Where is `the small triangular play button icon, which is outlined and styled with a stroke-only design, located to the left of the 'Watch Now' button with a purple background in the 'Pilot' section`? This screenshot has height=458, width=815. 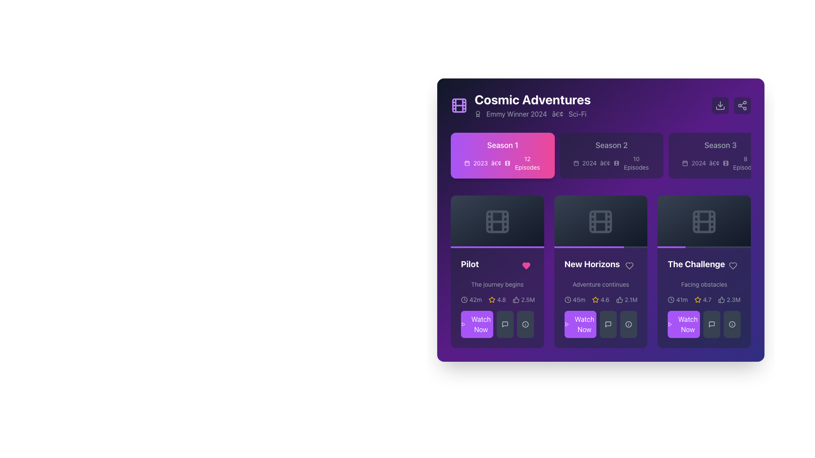 the small triangular play button icon, which is outlined and styled with a stroke-only design, located to the left of the 'Watch Now' button with a purple background in the 'Pilot' section is located at coordinates (567, 324).